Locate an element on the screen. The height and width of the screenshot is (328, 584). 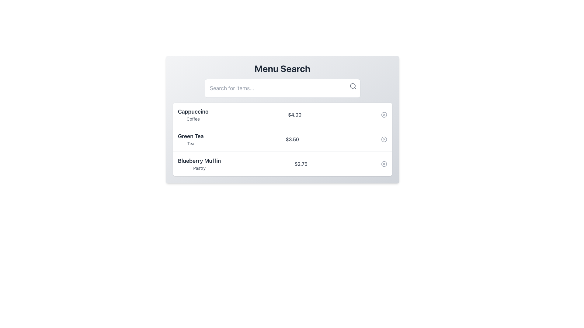
the Text label that serves as the primary display name for an item in a menu interface, located in the central part of the UI, above 'Tea', surrounded by 'Cappuccino' and 'Blueberry Muffin' is located at coordinates (190, 136).